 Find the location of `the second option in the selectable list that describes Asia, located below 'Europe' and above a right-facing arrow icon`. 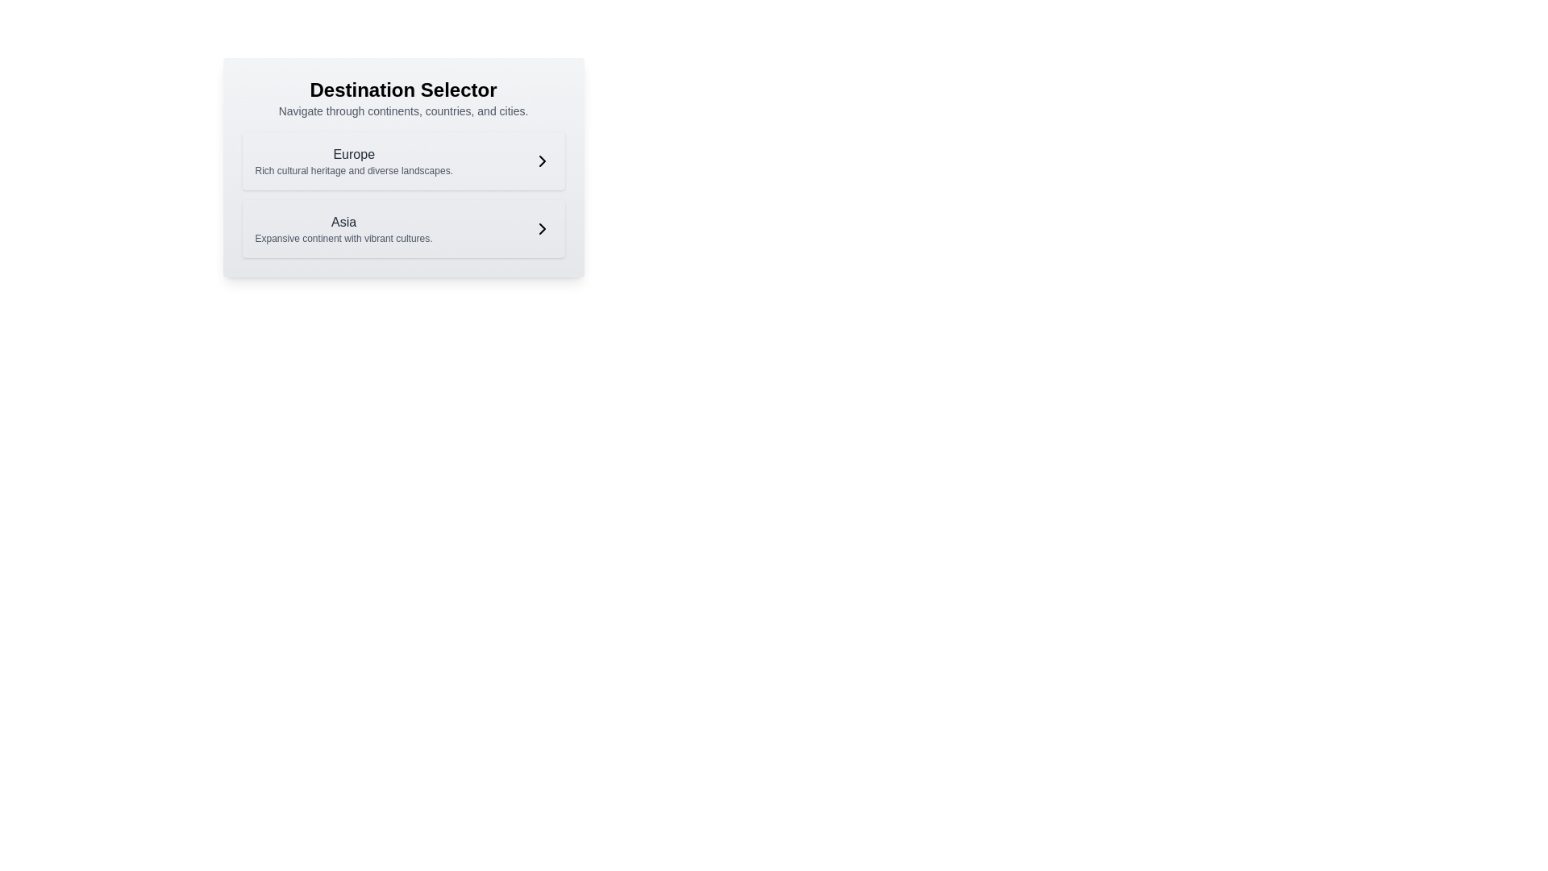

the second option in the selectable list that describes Asia, located below 'Europe' and above a right-facing arrow icon is located at coordinates (343, 229).